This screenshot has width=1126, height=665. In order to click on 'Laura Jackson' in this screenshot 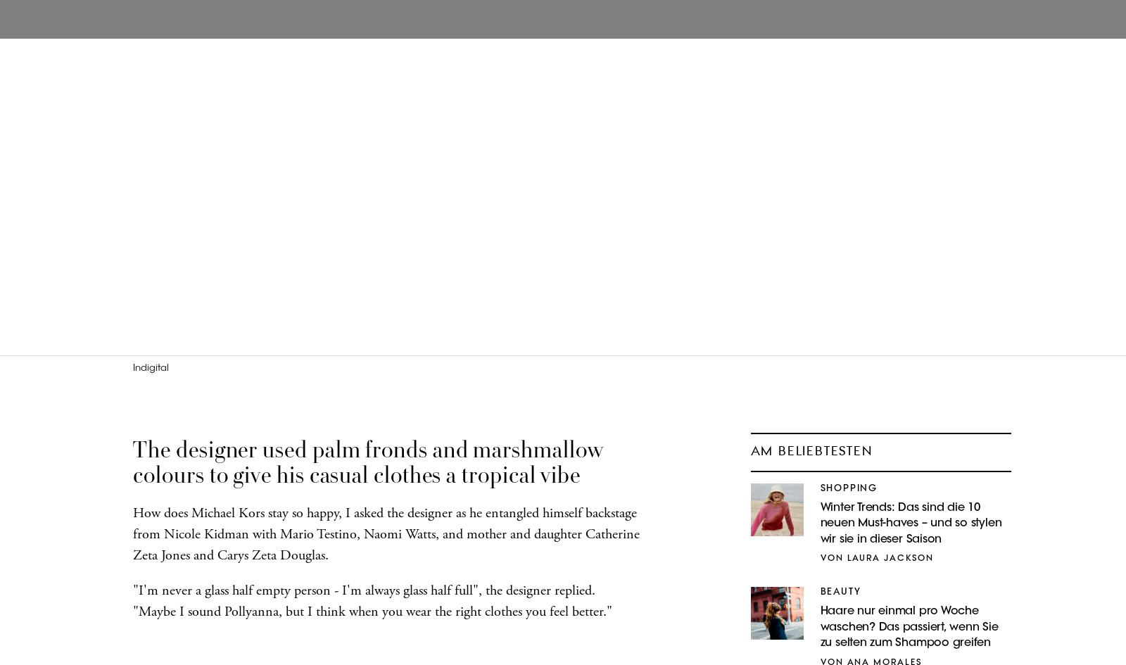, I will do `click(846, 557)`.